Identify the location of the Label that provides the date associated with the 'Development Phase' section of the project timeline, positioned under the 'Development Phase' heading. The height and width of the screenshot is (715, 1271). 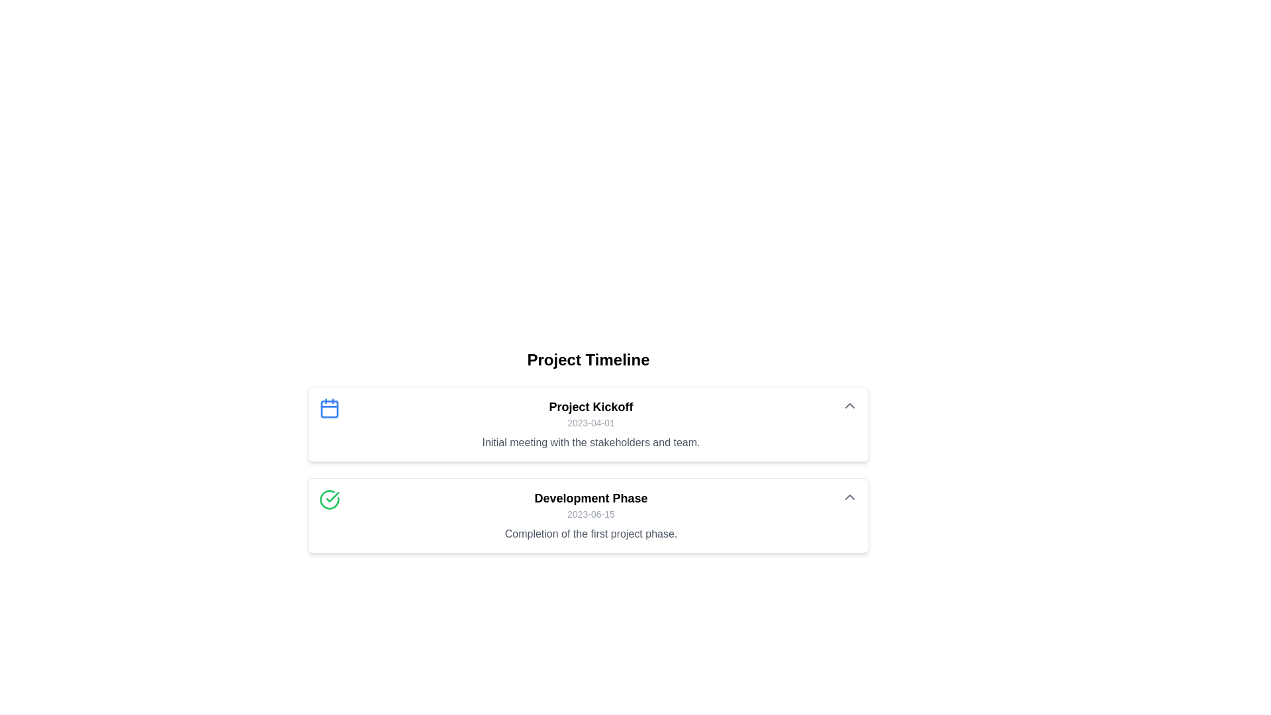
(590, 513).